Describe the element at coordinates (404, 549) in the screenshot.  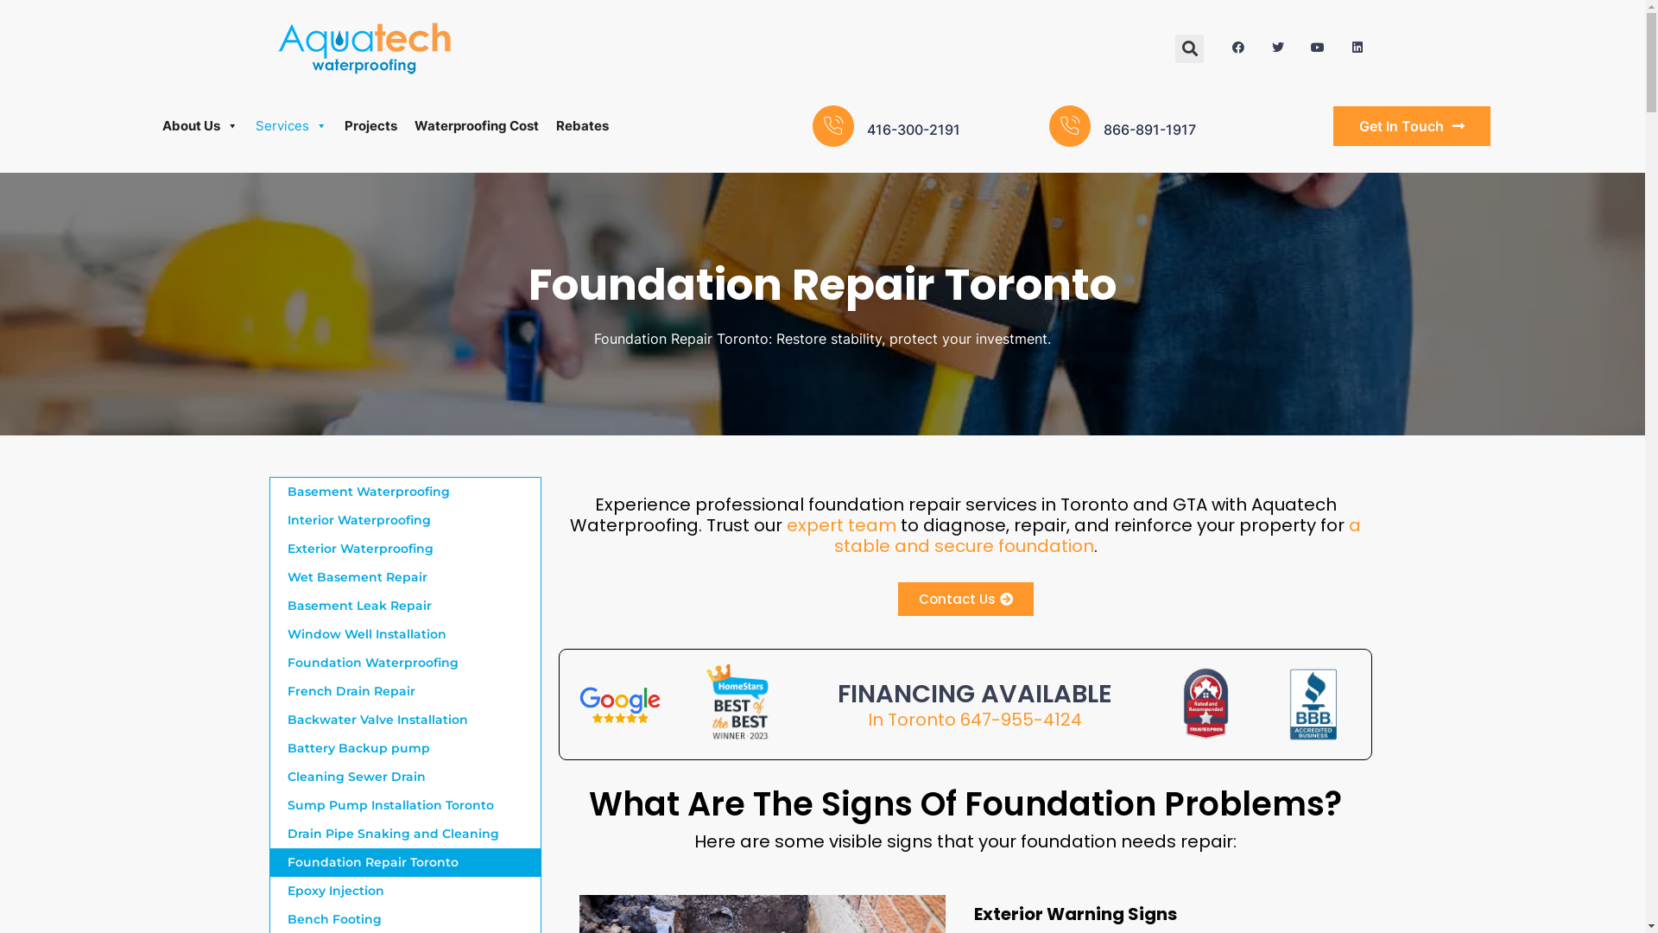
I see `'Exterior Waterproofing'` at that location.